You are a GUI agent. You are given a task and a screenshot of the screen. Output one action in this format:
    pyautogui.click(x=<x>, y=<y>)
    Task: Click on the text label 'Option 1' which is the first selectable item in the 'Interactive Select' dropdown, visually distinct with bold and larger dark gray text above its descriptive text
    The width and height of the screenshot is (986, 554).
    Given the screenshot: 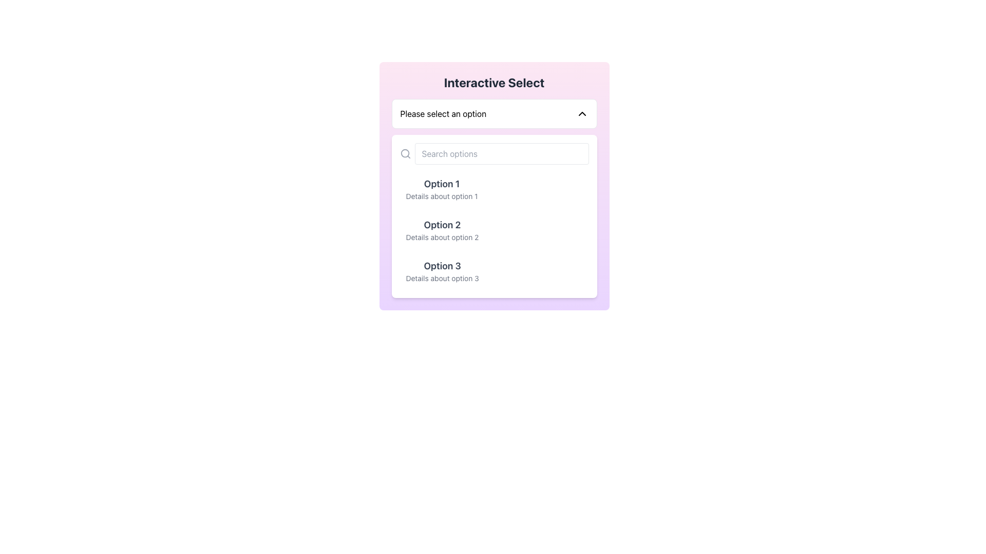 What is the action you would take?
    pyautogui.click(x=442, y=183)
    